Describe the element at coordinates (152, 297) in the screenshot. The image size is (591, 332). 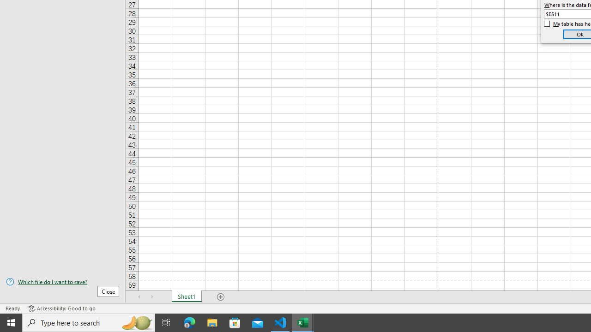
I see `'Scroll Right'` at that location.